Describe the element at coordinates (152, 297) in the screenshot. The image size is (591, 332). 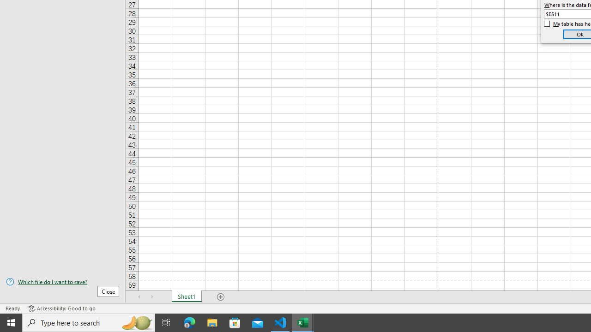
I see `'Scroll Right'` at that location.